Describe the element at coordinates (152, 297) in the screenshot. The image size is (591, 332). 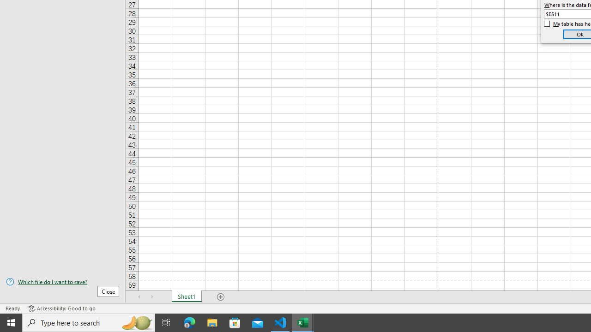
I see `'Scroll Right'` at that location.